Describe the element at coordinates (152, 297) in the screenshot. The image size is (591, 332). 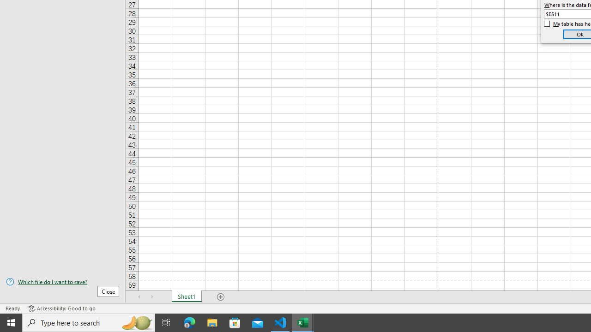
I see `'Scroll Right'` at that location.